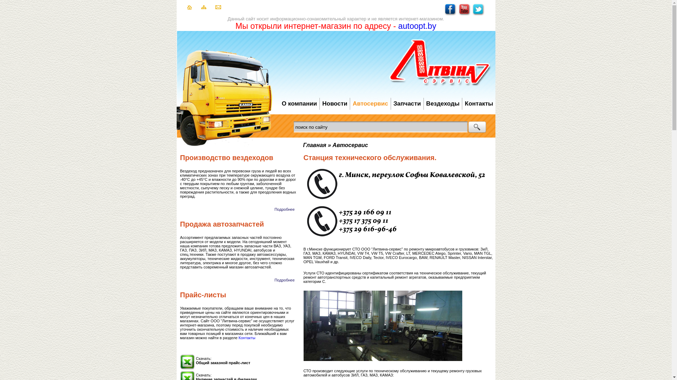 The image size is (677, 380). I want to click on 'youtube', so click(458, 14).